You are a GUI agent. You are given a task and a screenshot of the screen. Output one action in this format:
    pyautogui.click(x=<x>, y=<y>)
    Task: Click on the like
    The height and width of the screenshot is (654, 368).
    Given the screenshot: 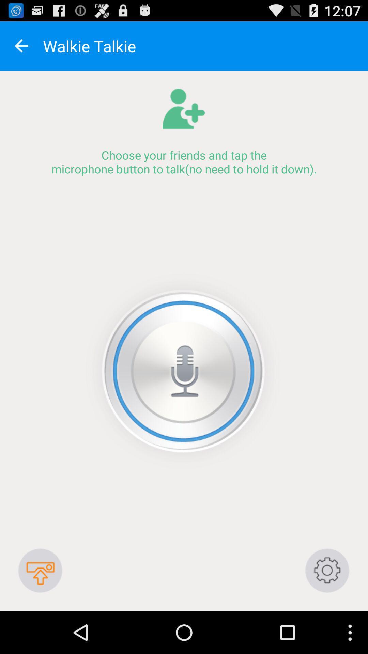 What is the action you would take?
    pyautogui.click(x=183, y=371)
    